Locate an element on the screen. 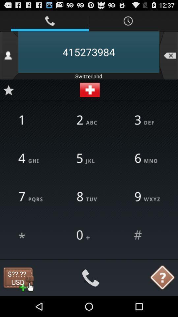 The image size is (178, 317). the star icon is located at coordinates (8, 96).